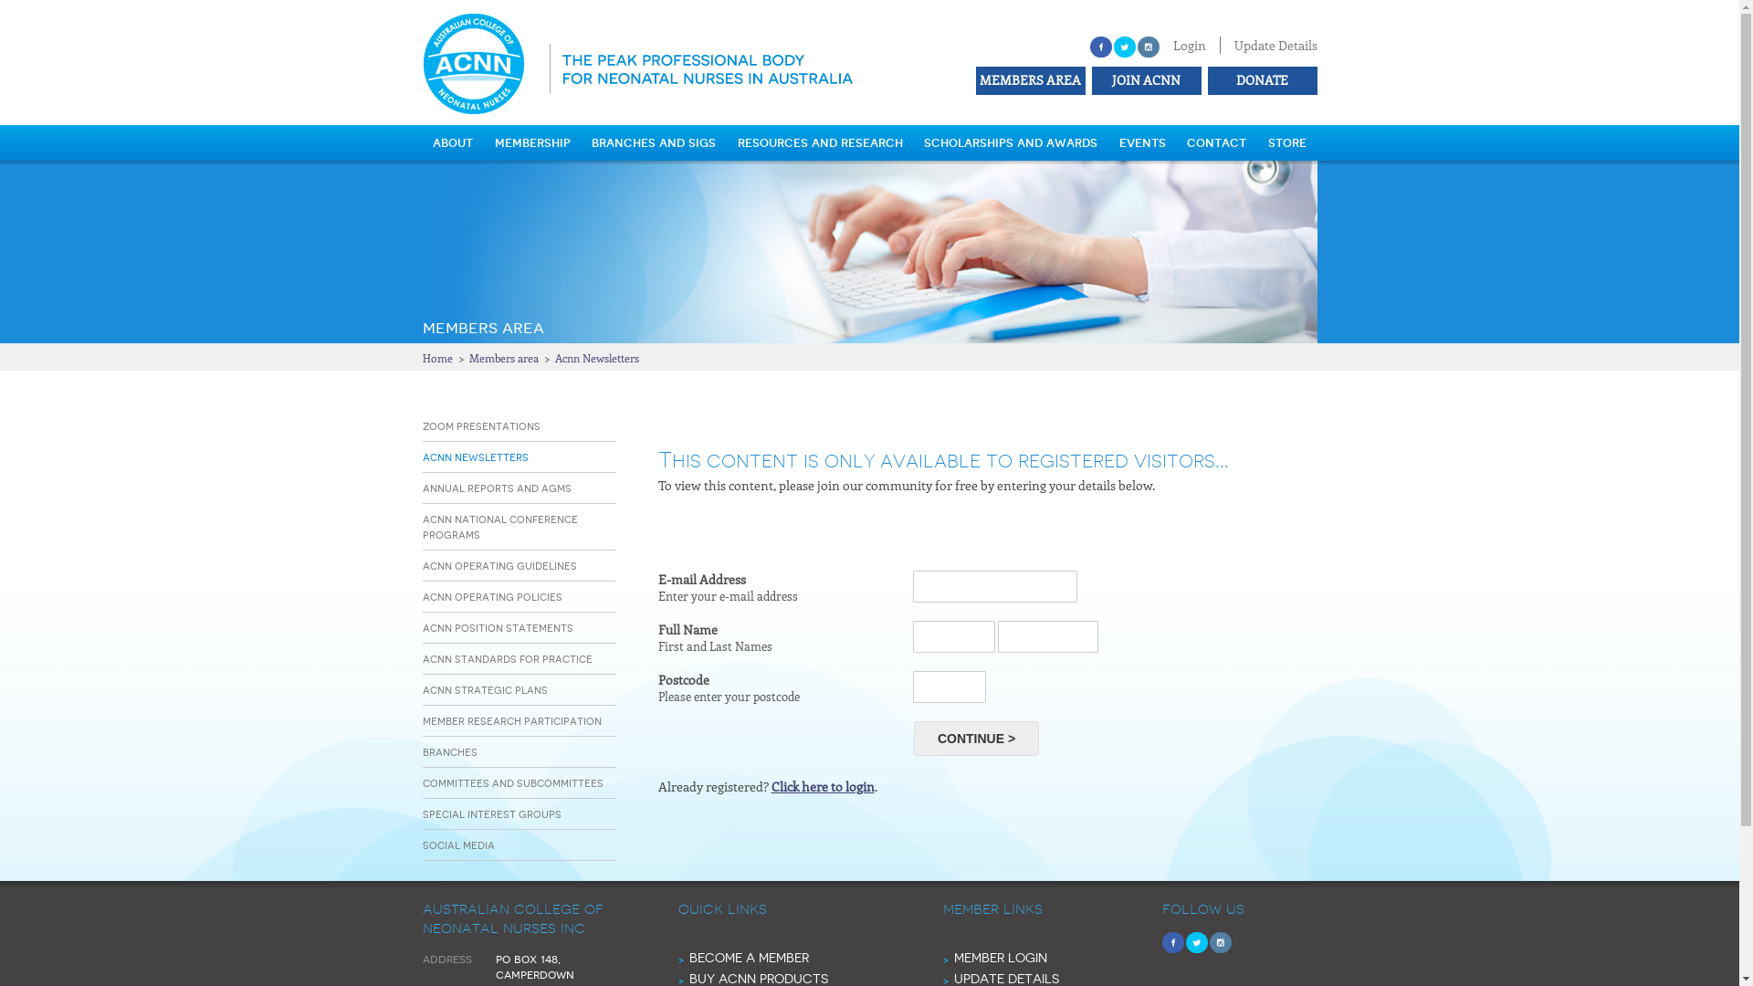  What do you see at coordinates (1286, 142) in the screenshot?
I see `'store'` at bounding box center [1286, 142].